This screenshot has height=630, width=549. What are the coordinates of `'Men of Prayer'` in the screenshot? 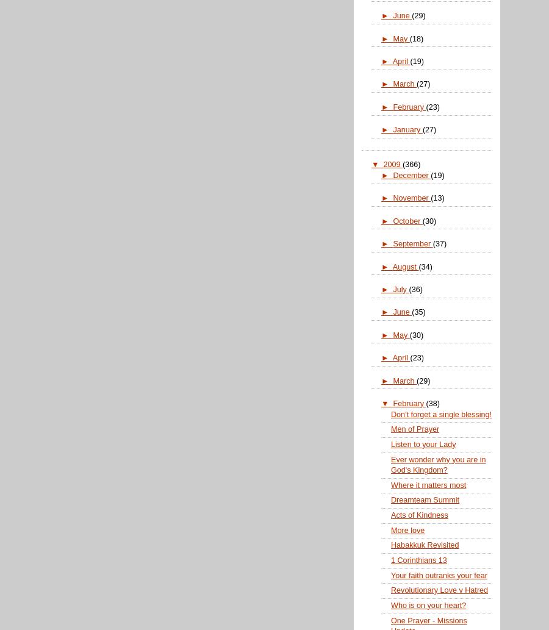 It's located at (414, 429).